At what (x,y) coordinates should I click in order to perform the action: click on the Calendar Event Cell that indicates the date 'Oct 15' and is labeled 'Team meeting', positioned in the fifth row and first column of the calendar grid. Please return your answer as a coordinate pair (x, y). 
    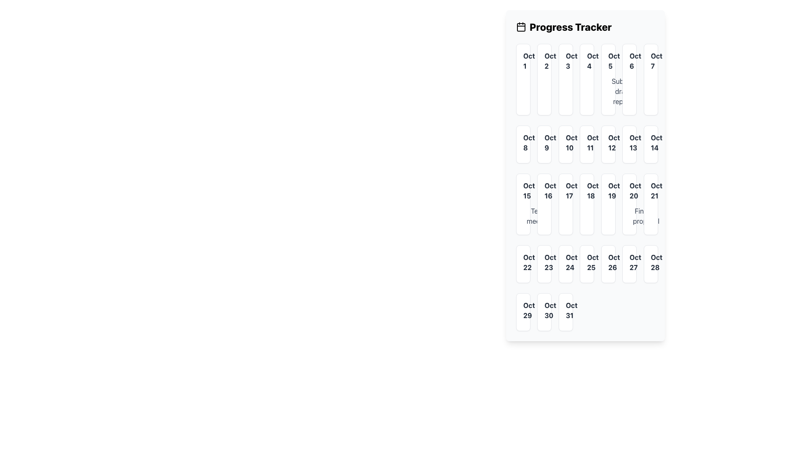
    Looking at the image, I should click on (523, 204).